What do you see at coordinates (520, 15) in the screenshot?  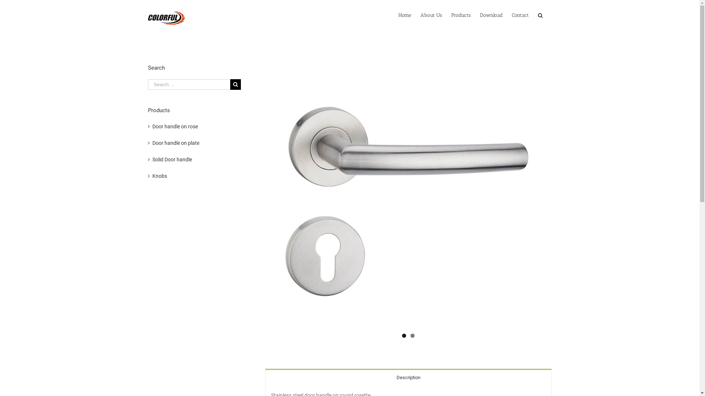 I see `'Contact'` at bounding box center [520, 15].